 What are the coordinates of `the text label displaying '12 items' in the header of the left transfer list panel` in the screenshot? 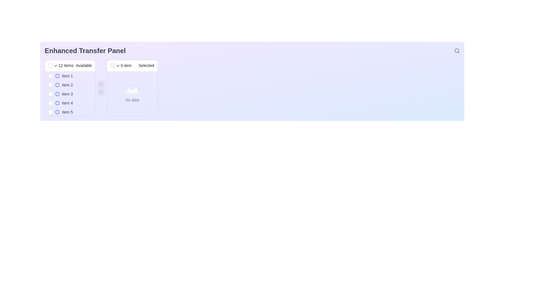 It's located at (66, 65).